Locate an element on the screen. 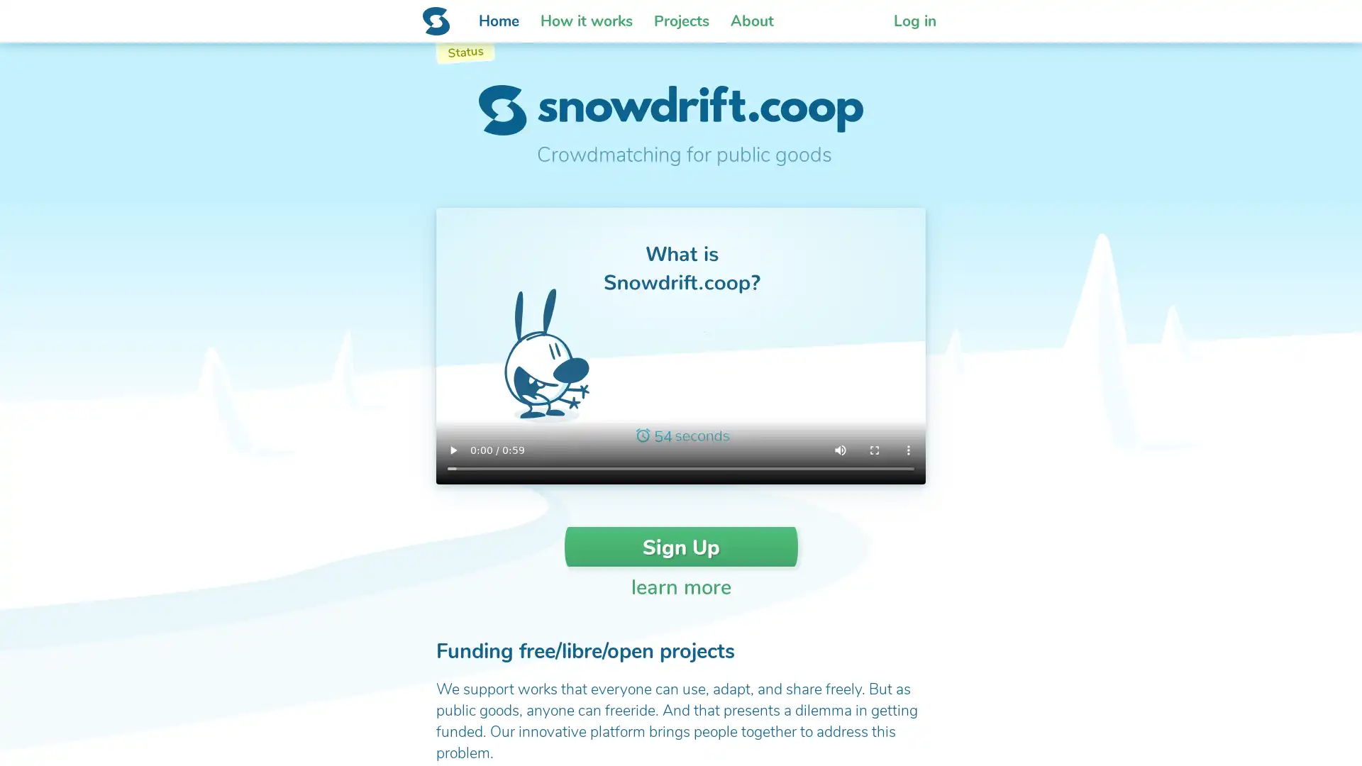  show more media controls is located at coordinates (909, 450).